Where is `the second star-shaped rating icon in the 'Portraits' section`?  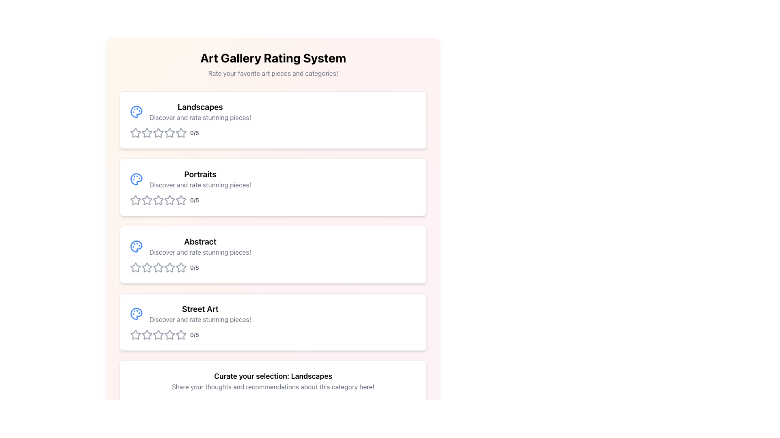 the second star-shaped rating icon in the 'Portraits' section is located at coordinates (158, 200).